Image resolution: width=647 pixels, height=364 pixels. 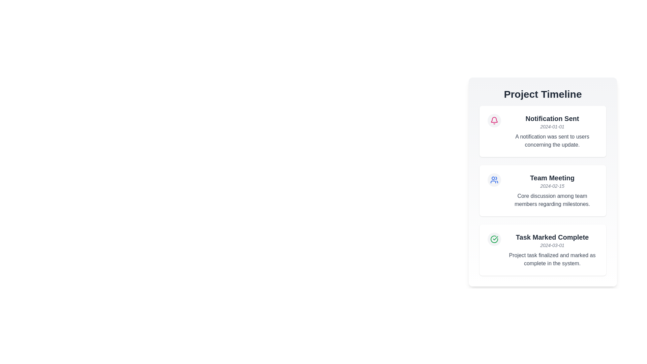 What do you see at coordinates (552, 131) in the screenshot?
I see `textual information block displaying 'Notification Sent' along with the date and paragraph content, located on the right side of the page` at bounding box center [552, 131].